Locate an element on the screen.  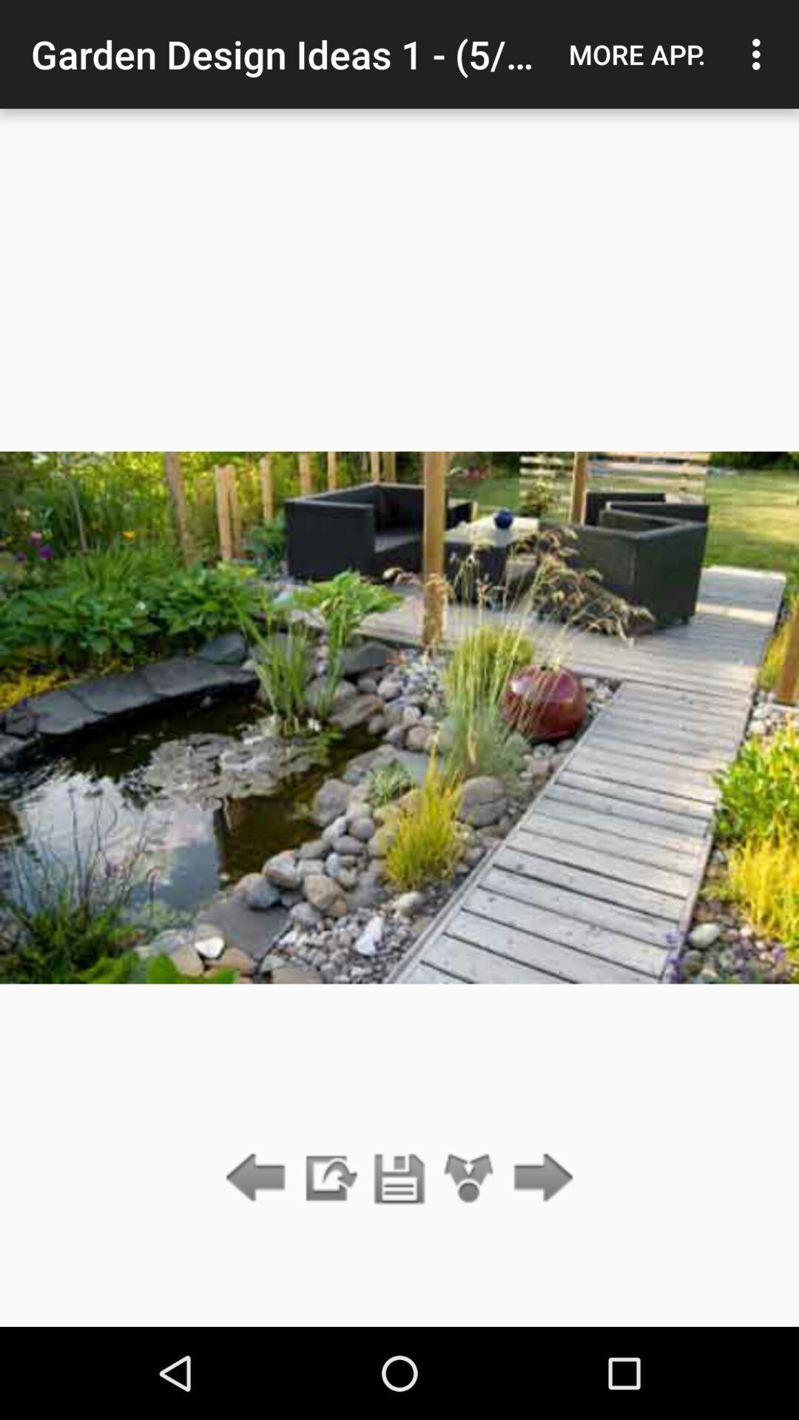
next picture is located at coordinates (539, 1178).